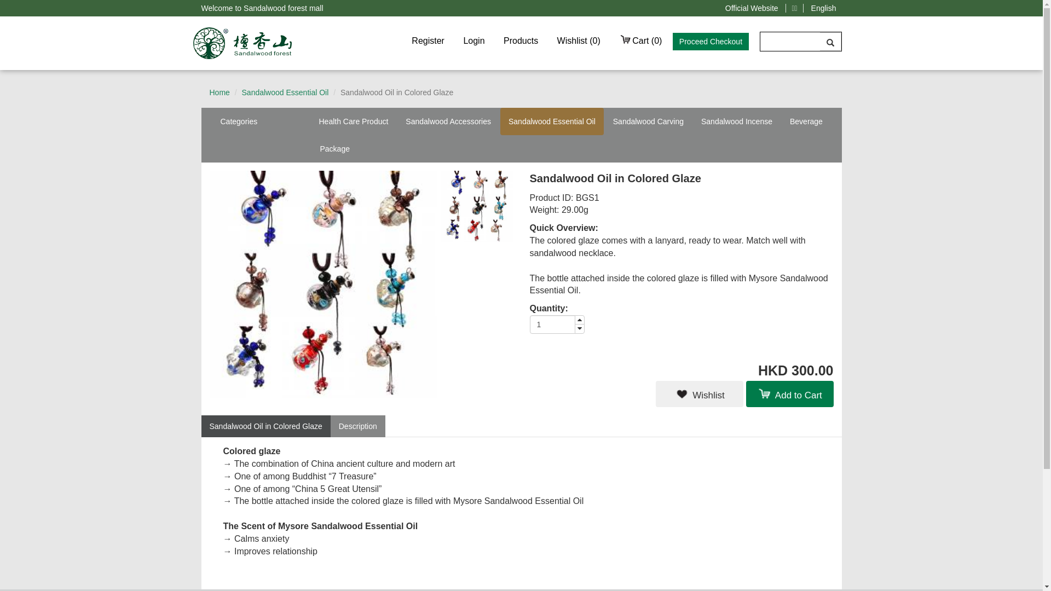 This screenshot has width=1051, height=591. What do you see at coordinates (219, 92) in the screenshot?
I see `'Home'` at bounding box center [219, 92].